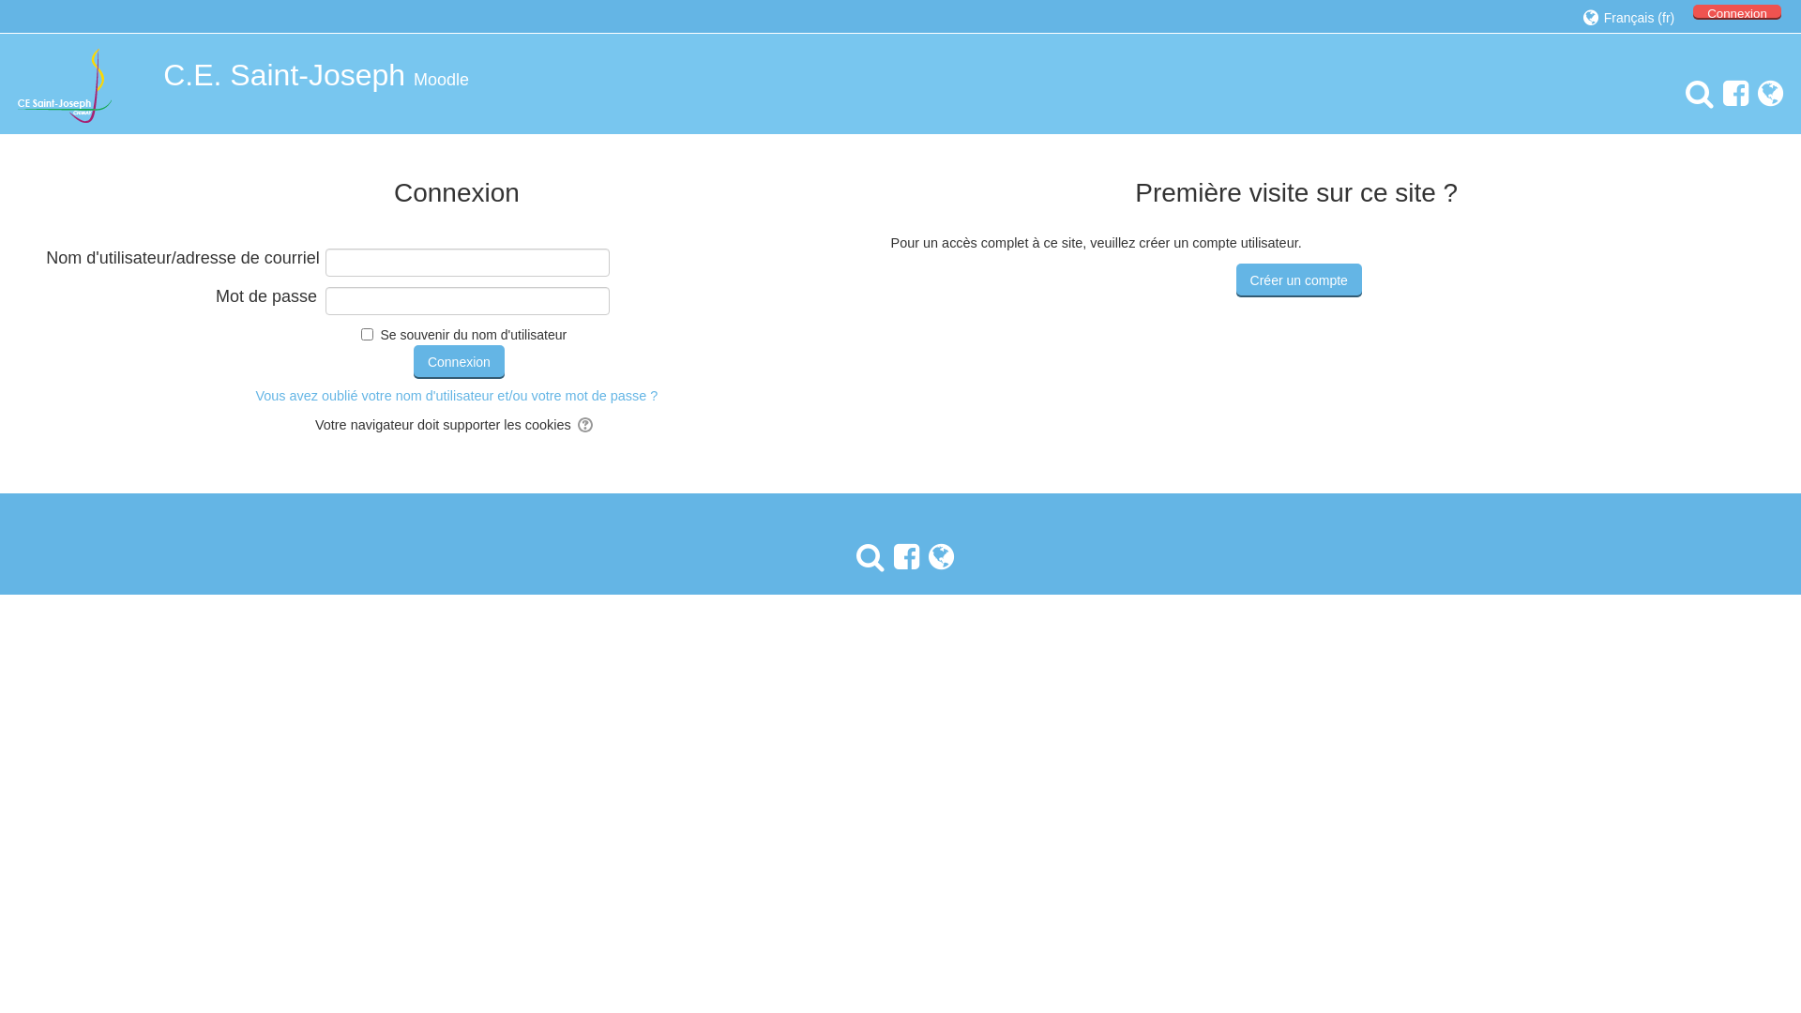  What do you see at coordinates (936, 556) in the screenshot?
I see `'Site Web'` at bounding box center [936, 556].